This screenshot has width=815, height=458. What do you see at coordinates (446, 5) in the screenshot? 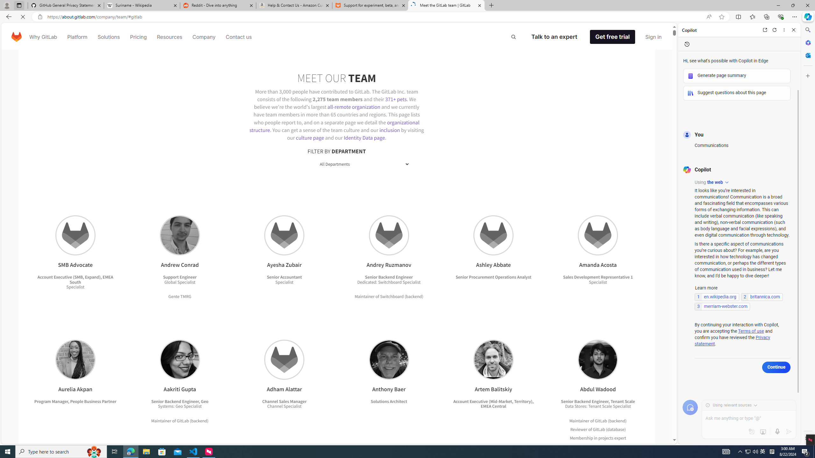
I see `'Meet the GitLab team | GitLab'` at bounding box center [446, 5].